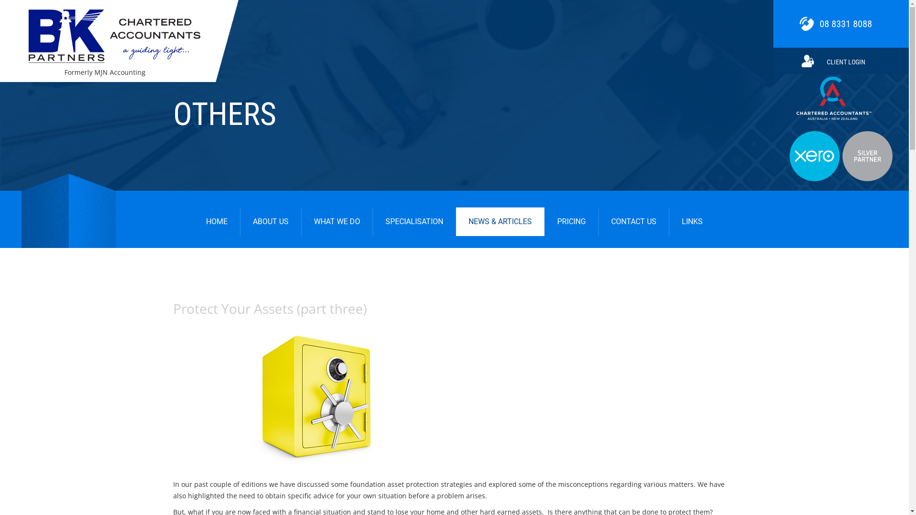  What do you see at coordinates (634, 222) in the screenshot?
I see `'CONTACT US'` at bounding box center [634, 222].